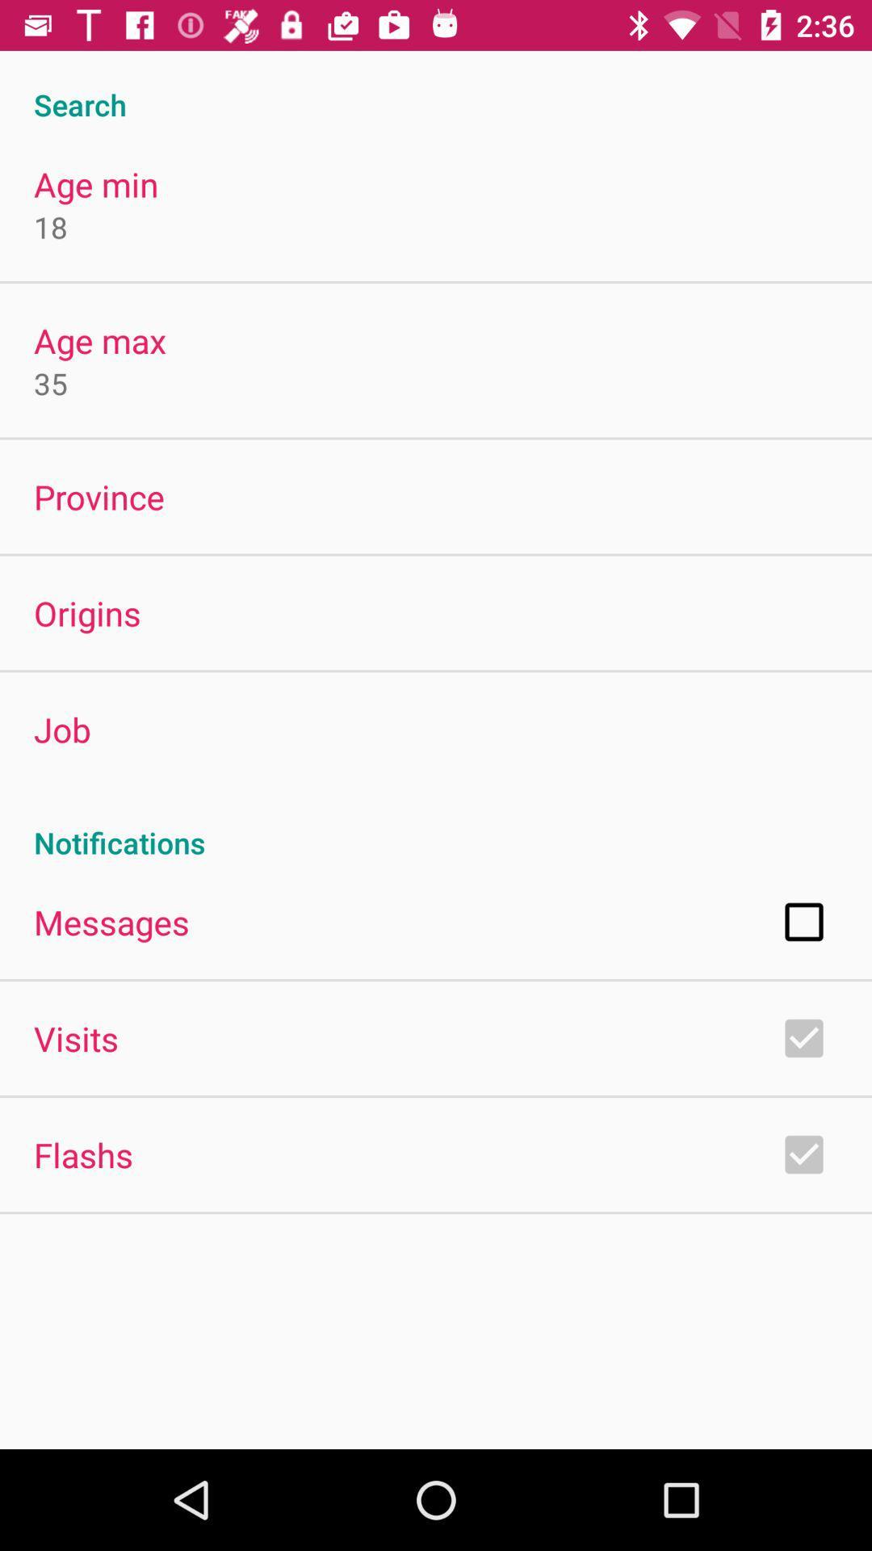  I want to click on app at the center, so click(436, 826).